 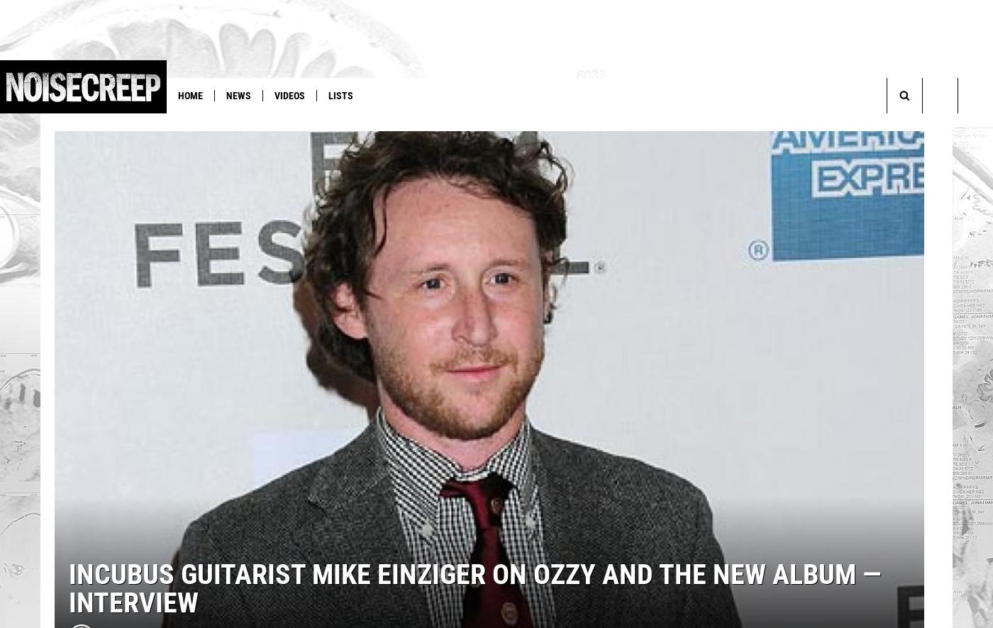 I want to click on 'Slayer', so click(x=213, y=123).